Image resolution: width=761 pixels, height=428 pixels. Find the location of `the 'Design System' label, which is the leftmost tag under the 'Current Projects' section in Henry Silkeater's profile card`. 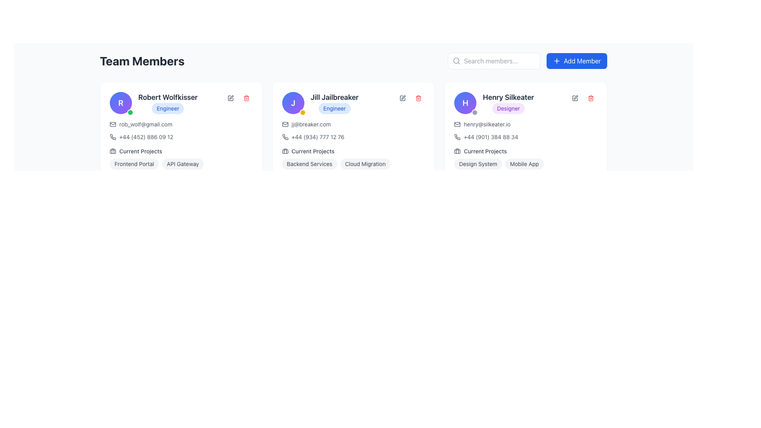

the 'Design System' label, which is the leftmost tag under the 'Current Projects' section in Henry Silkeater's profile card is located at coordinates (478, 163).